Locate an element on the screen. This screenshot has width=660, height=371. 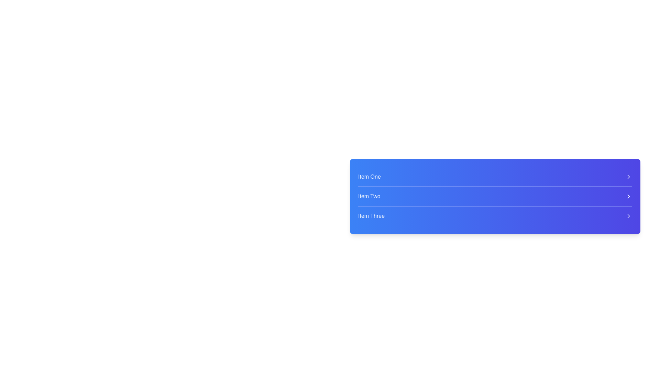
the right-facing chevron arrow icon associated with 'Item Two' is located at coordinates (628, 196).